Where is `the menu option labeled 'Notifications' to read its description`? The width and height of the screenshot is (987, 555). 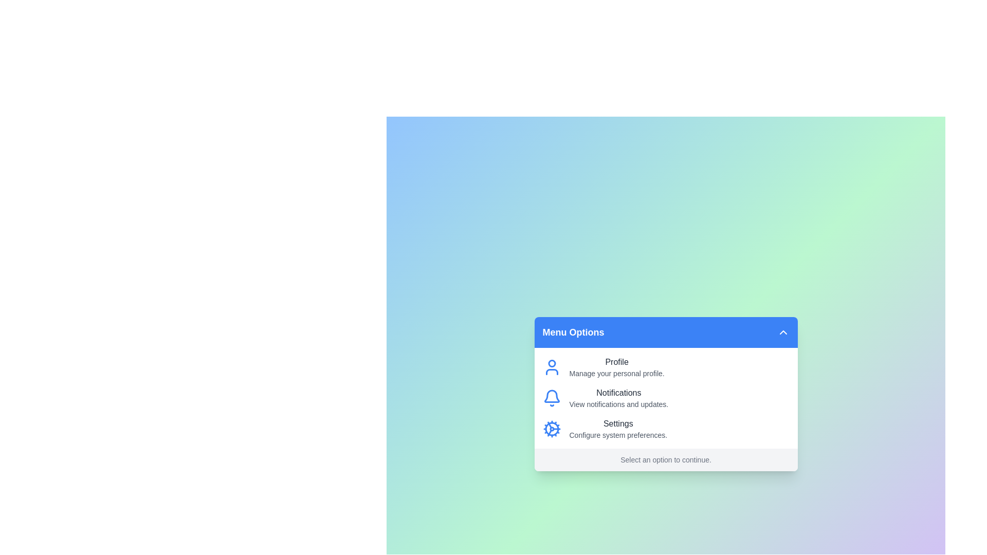
the menu option labeled 'Notifications' to read its description is located at coordinates (617, 398).